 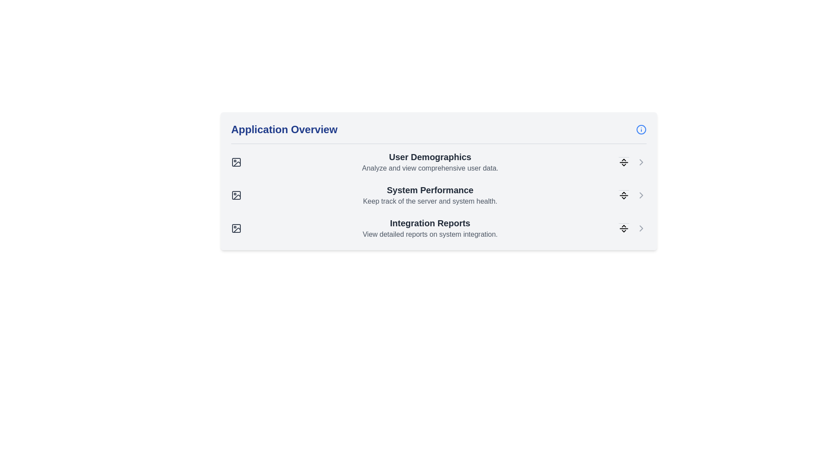 I want to click on description of the text block titled 'Integration Reports' which contains details about viewing system integration reports, so click(x=430, y=228).